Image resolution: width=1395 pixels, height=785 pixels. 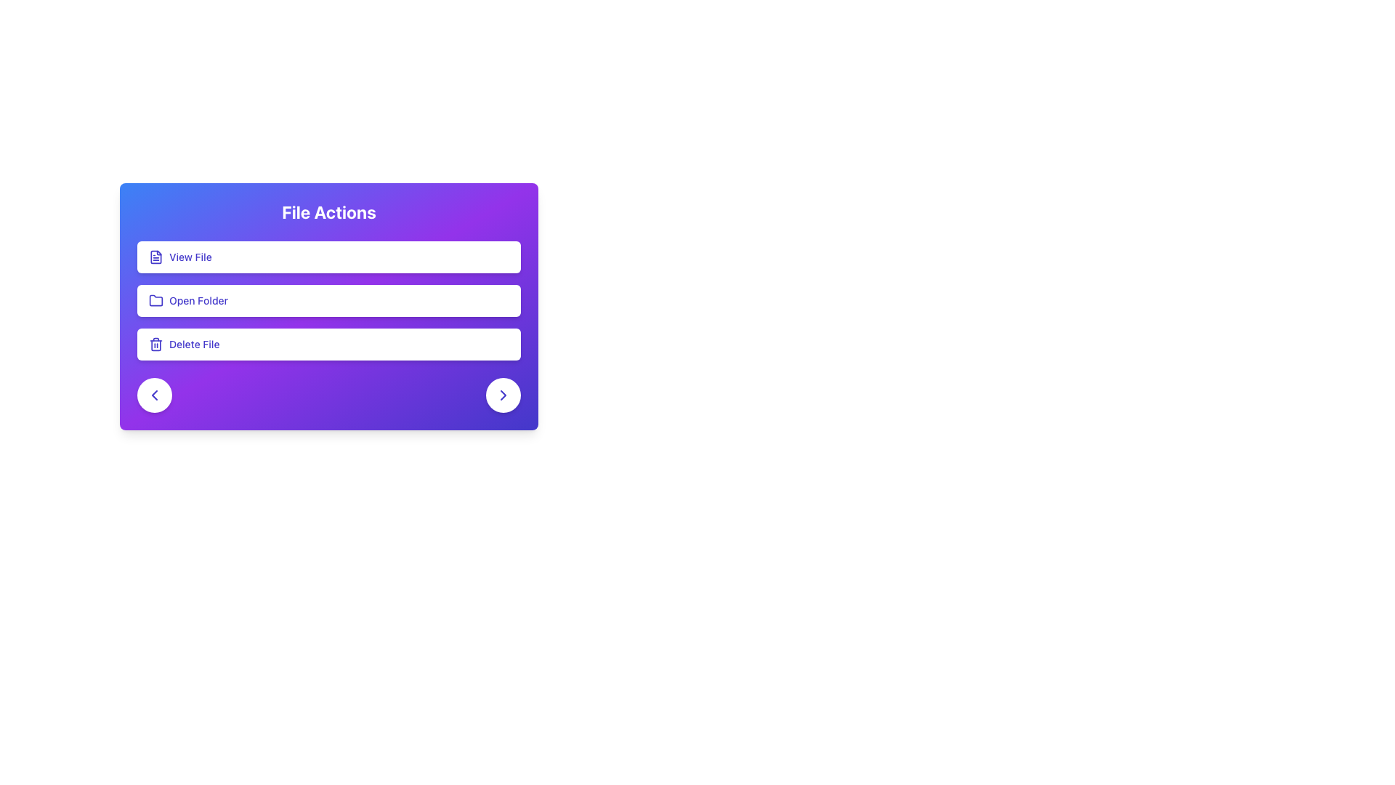 I want to click on the 'View File' text label, which is styled in purple font and positioned to the right of a file icon within the 'File Actions' card, so click(x=190, y=257).